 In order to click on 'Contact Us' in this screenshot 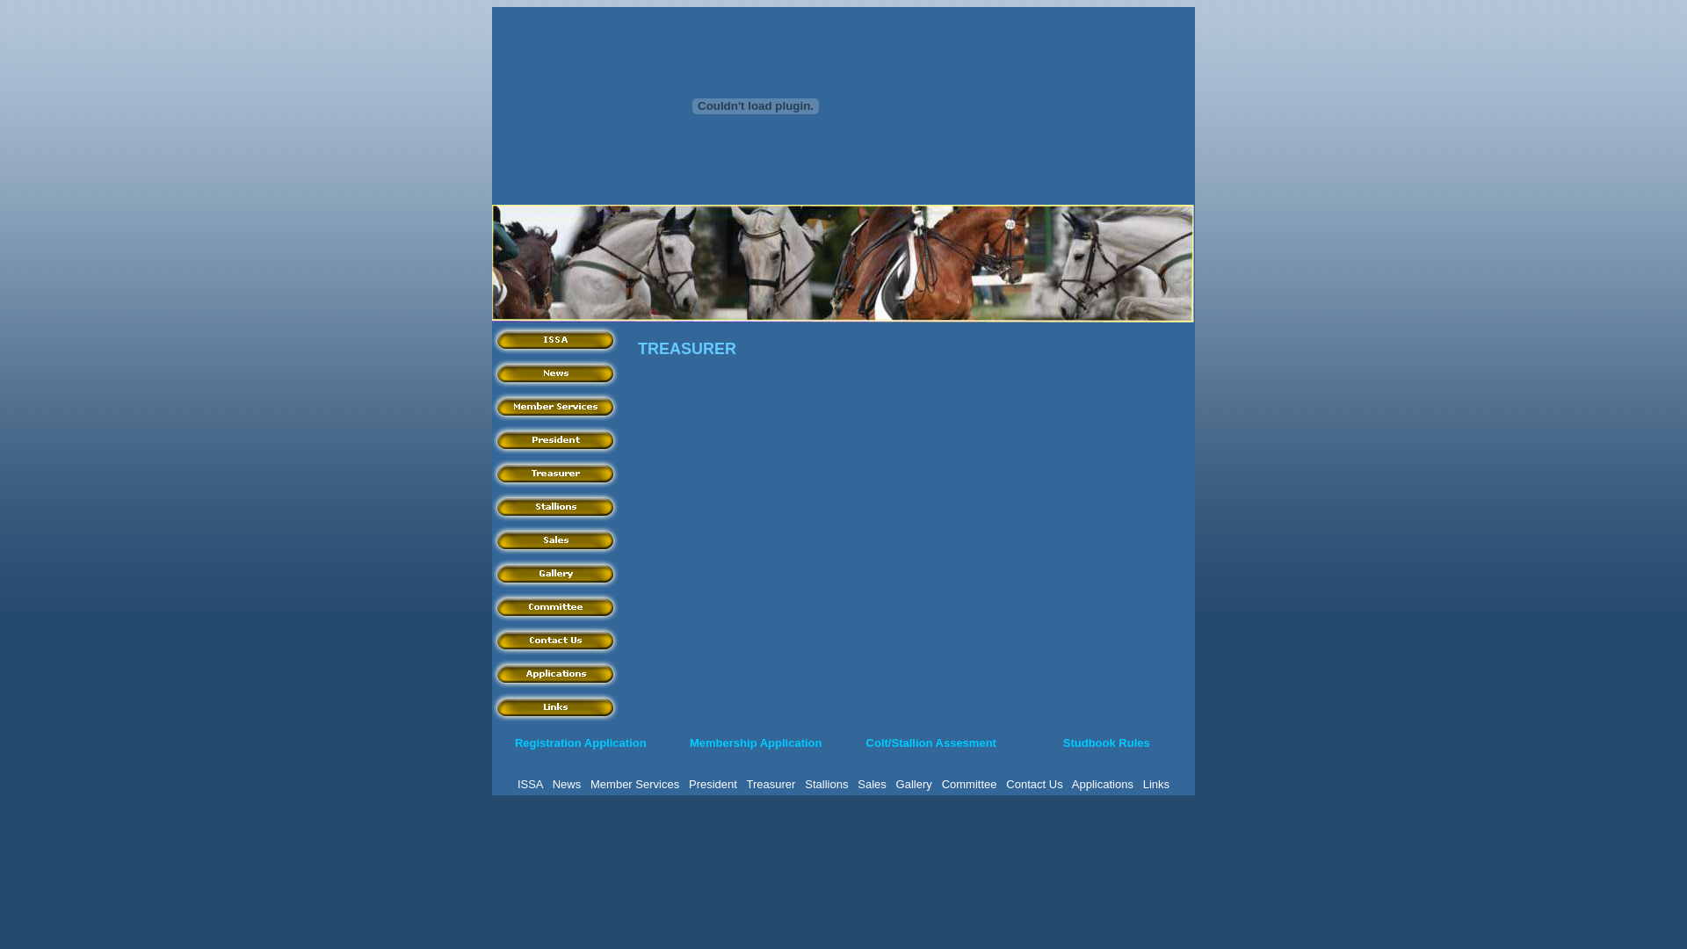, I will do `click(1033, 783)`.